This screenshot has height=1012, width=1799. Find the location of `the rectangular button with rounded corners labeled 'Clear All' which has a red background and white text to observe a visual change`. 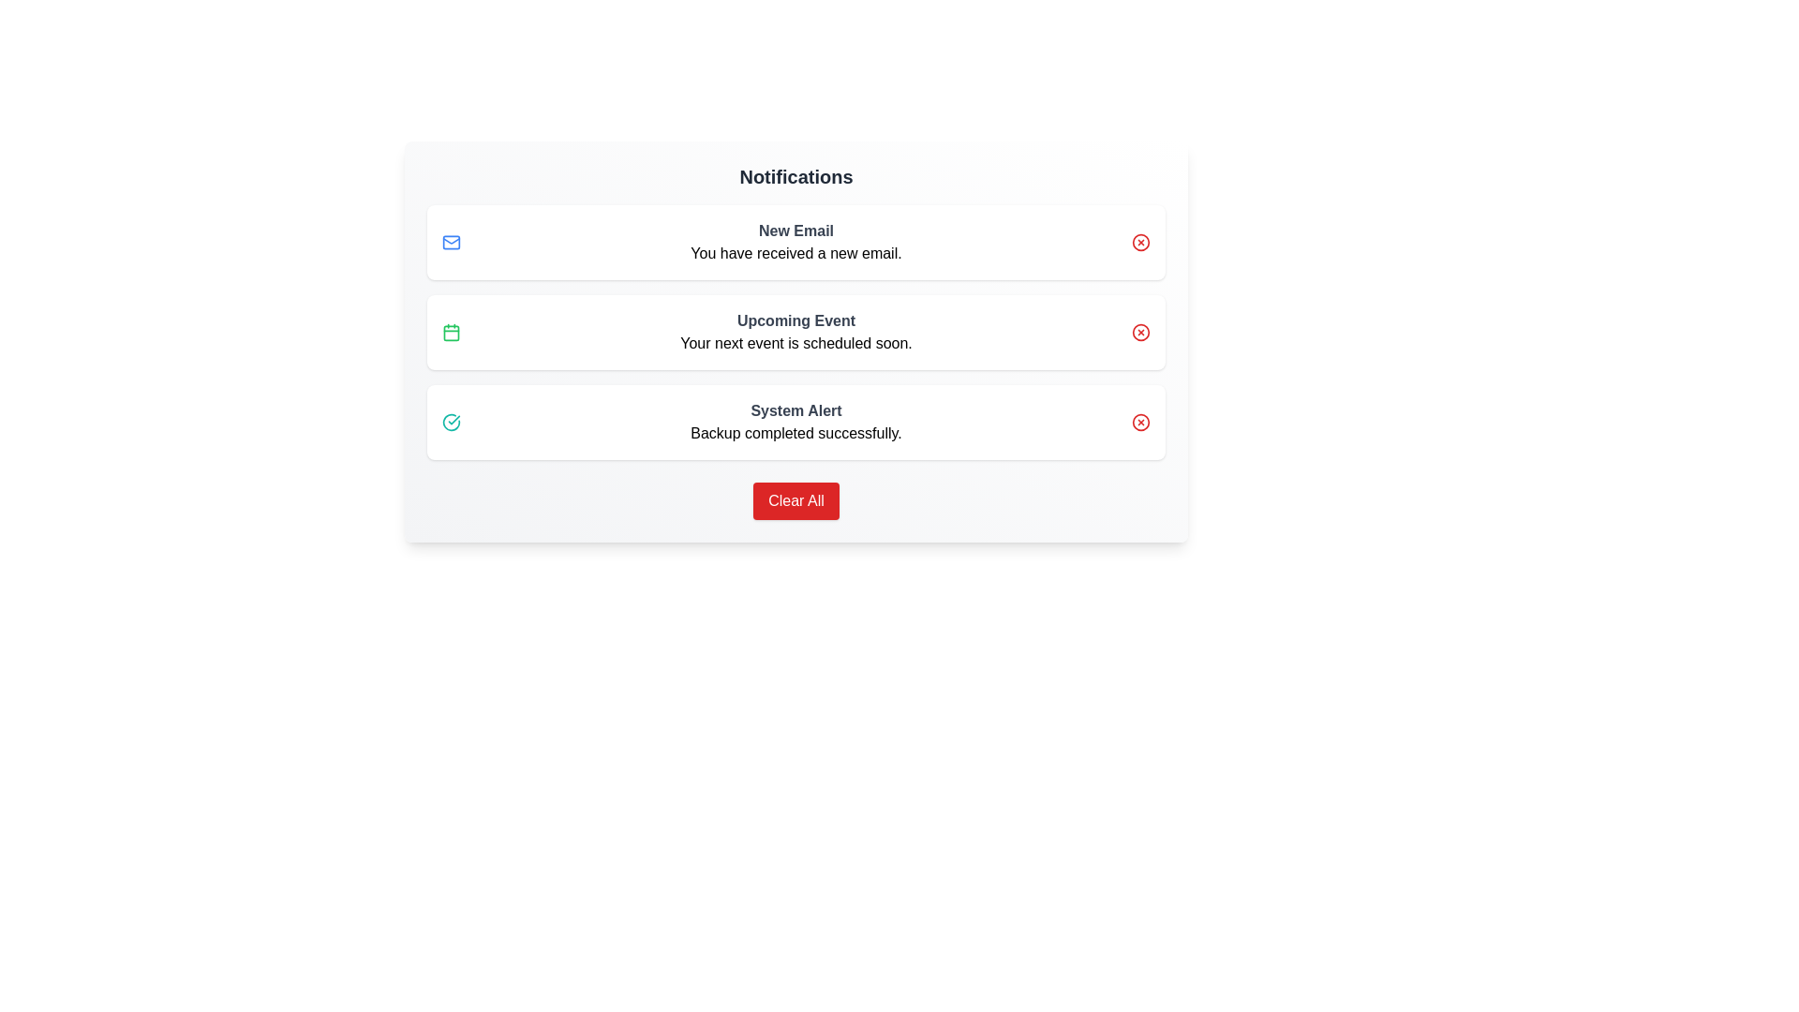

the rectangular button with rounded corners labeled 'Clear All' which has a red background and white text to observe a visual change is located at coordinates (795, 500).